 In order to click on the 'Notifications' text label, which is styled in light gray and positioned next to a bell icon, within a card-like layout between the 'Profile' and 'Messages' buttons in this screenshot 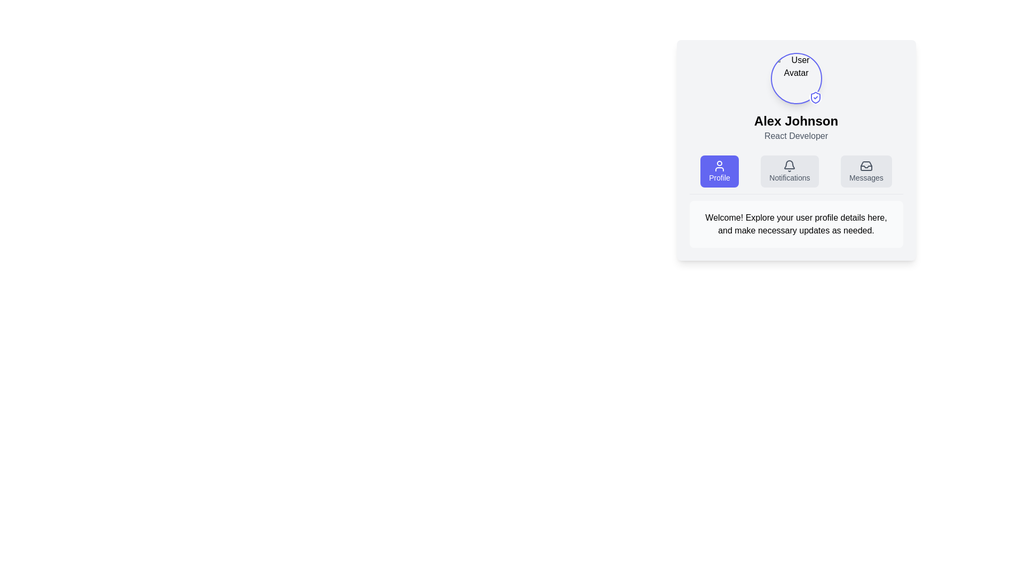, I will do `click(790, 177)`.